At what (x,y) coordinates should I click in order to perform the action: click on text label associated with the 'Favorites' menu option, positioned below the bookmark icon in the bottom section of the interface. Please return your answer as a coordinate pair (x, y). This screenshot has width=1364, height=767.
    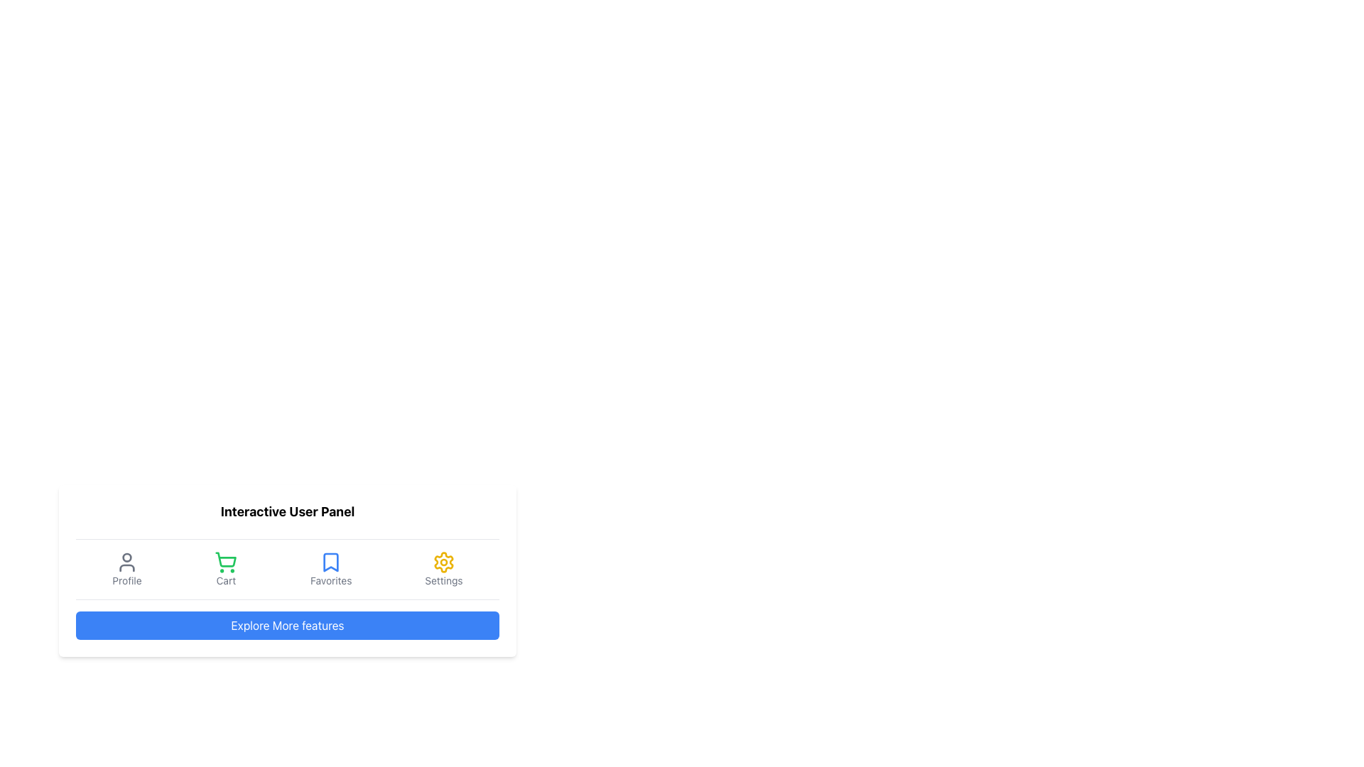
    Looking at the image, I should click on (330, 580).